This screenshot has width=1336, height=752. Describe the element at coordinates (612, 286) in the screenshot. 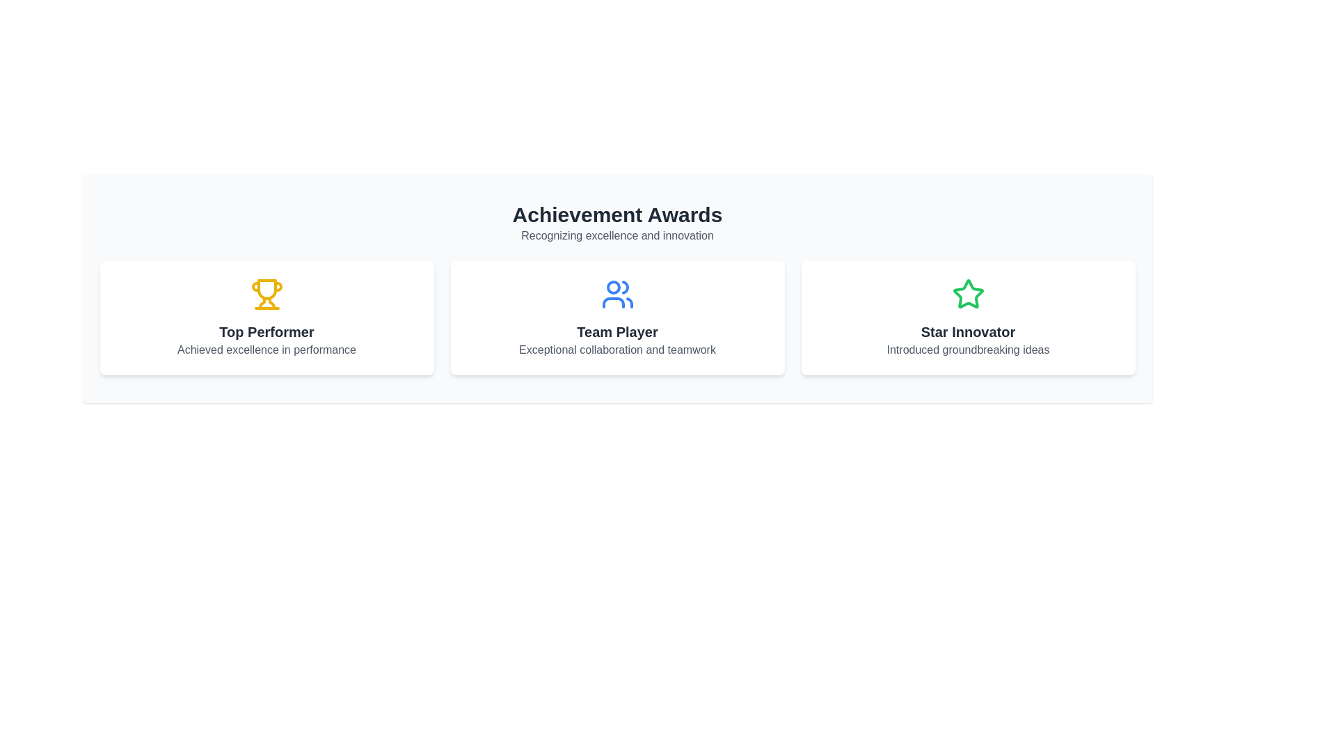

I see `the circular SVG shape within the 'Team Player' icon, which represents a group of users` at that location.